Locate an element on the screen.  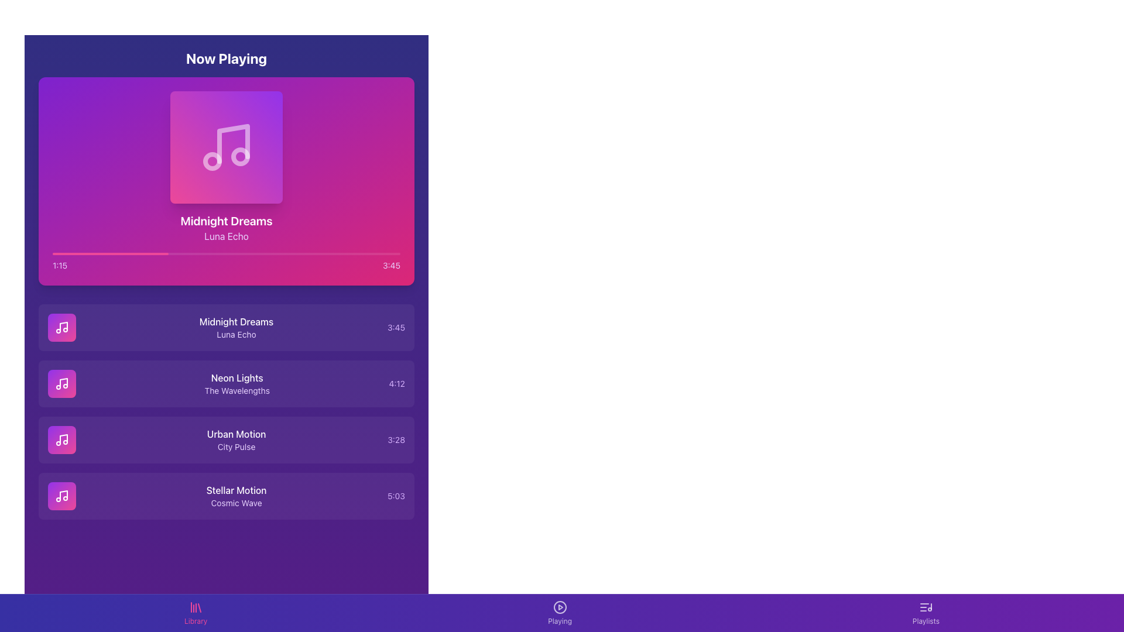
the Text Label that represents the title of a song or playlist item located in the third row of the playlist, positioned to the right of a music icon is located at coordinates (236, 434).